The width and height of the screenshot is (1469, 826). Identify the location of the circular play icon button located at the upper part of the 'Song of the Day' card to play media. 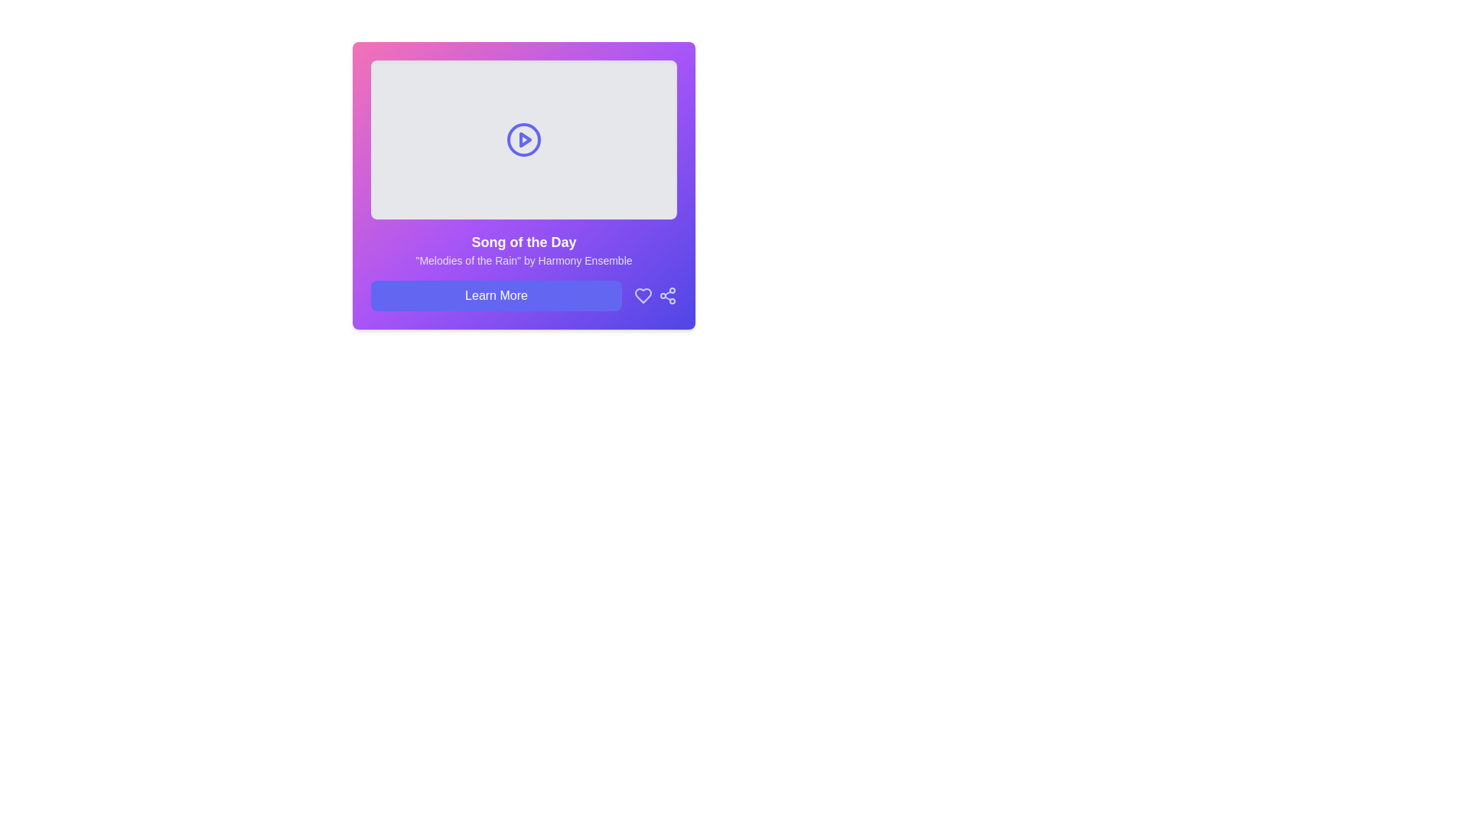
(524, 139).